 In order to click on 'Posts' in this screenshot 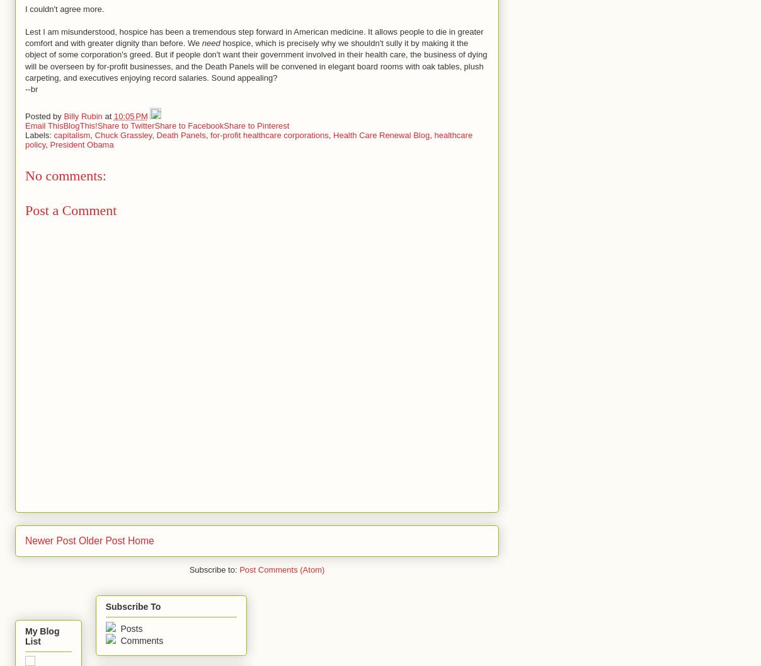, I will do `click(117, 628)`.